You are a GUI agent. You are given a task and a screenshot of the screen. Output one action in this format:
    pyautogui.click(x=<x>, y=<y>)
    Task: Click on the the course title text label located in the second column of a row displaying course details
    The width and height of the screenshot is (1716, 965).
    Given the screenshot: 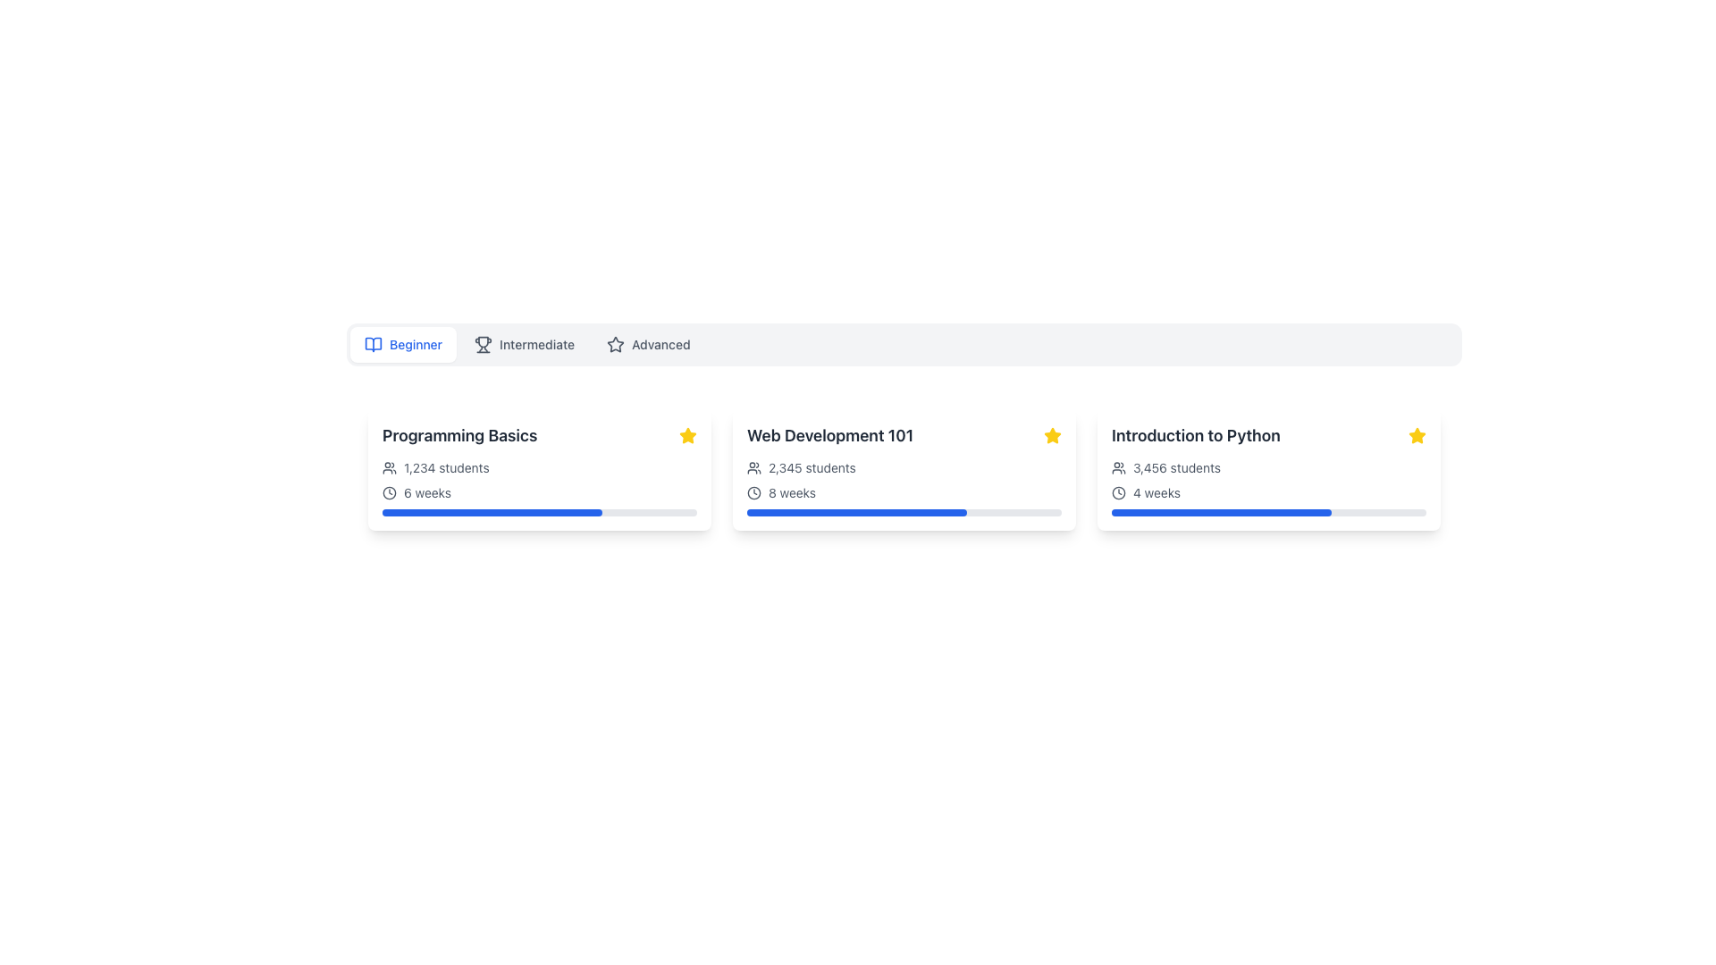 What is the action you would take?
    pyautogui.click(x=829, y=436)
    